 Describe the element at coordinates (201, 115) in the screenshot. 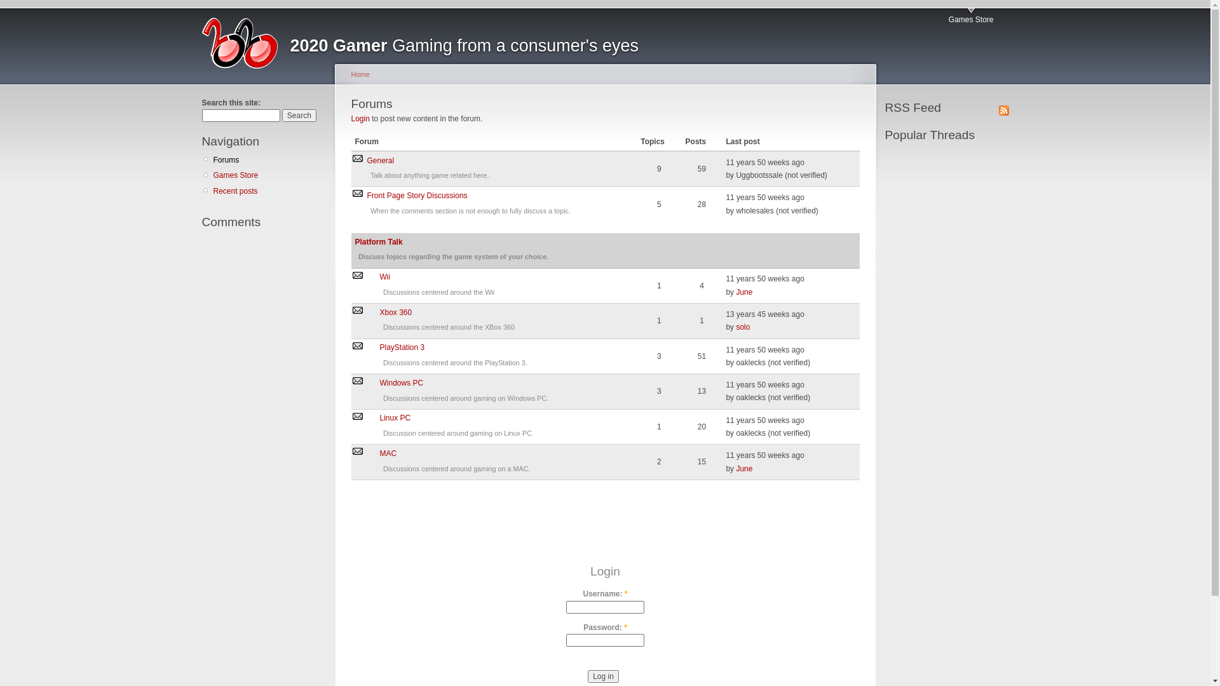

I see `'Enter the terms you wish to search for.'` at that location.